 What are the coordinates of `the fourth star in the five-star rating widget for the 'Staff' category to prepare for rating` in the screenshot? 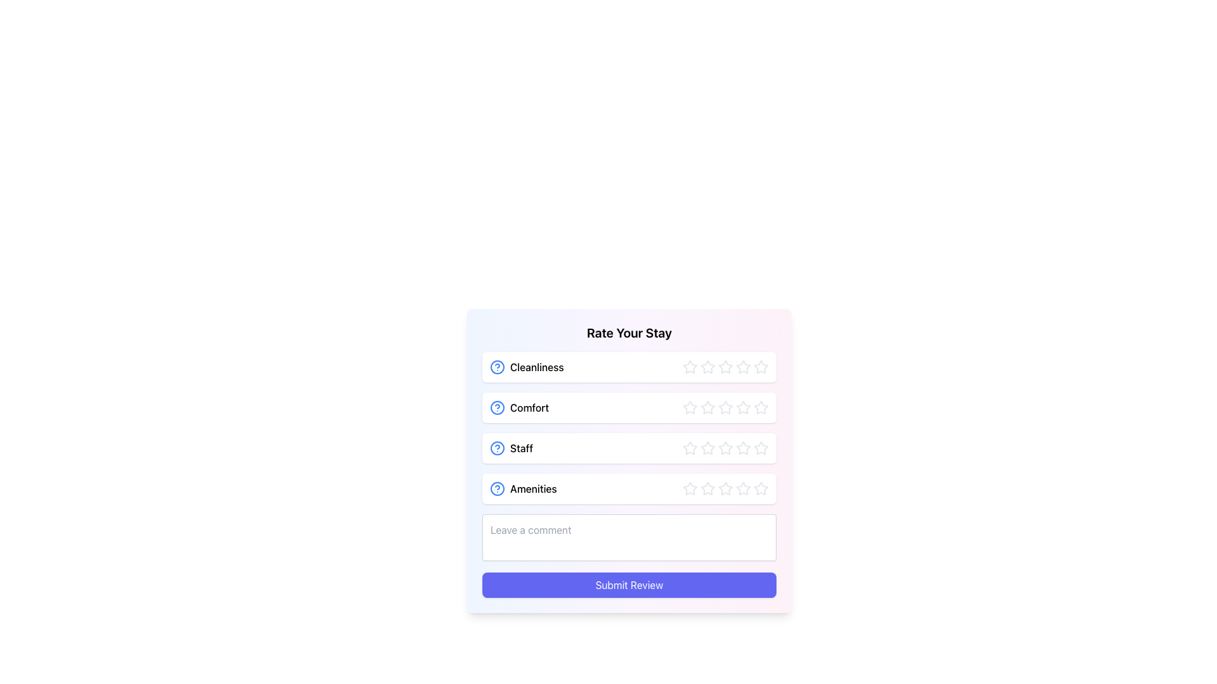 It's located at (726, 448).